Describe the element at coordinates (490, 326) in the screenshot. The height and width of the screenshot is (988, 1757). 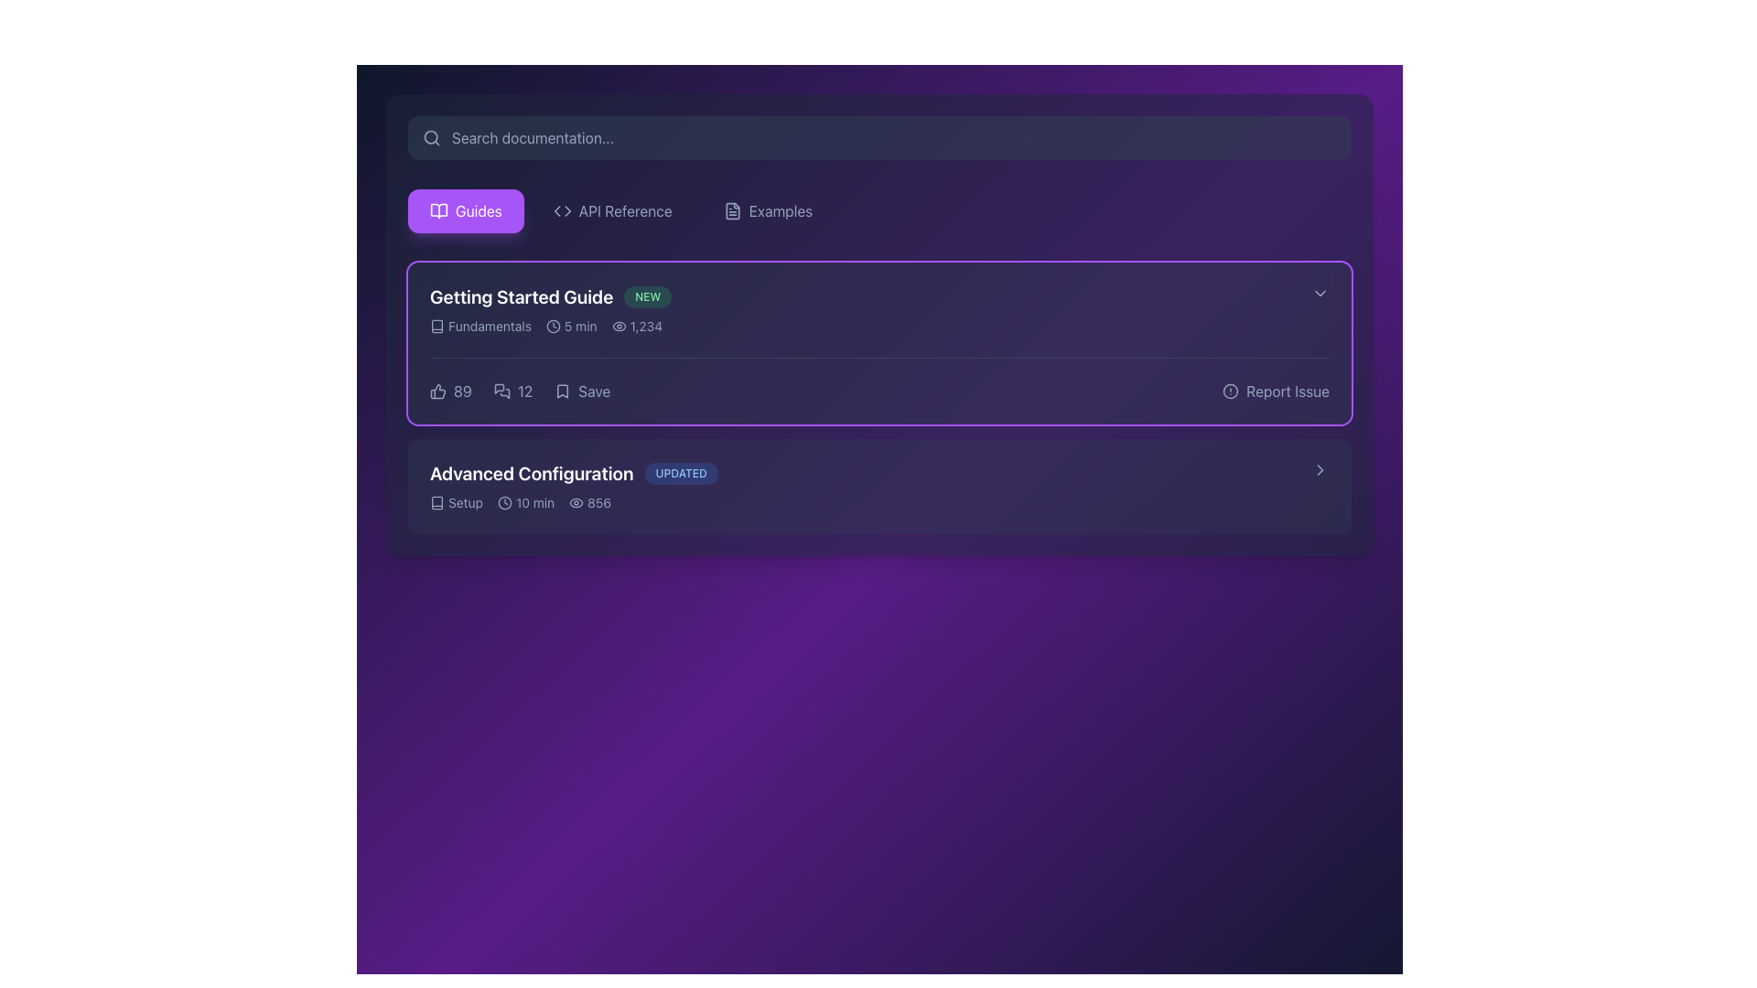
I see `text label indicating the category or section title within the 'Getting Started Guide' card, located at the top center of the card, slightly offset to the left` at that location.